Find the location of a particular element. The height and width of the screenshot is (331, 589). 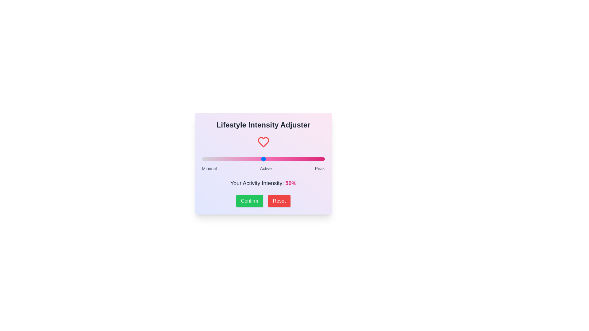

the slider to set the intensity to 18% is located at coordinates (224, 159).